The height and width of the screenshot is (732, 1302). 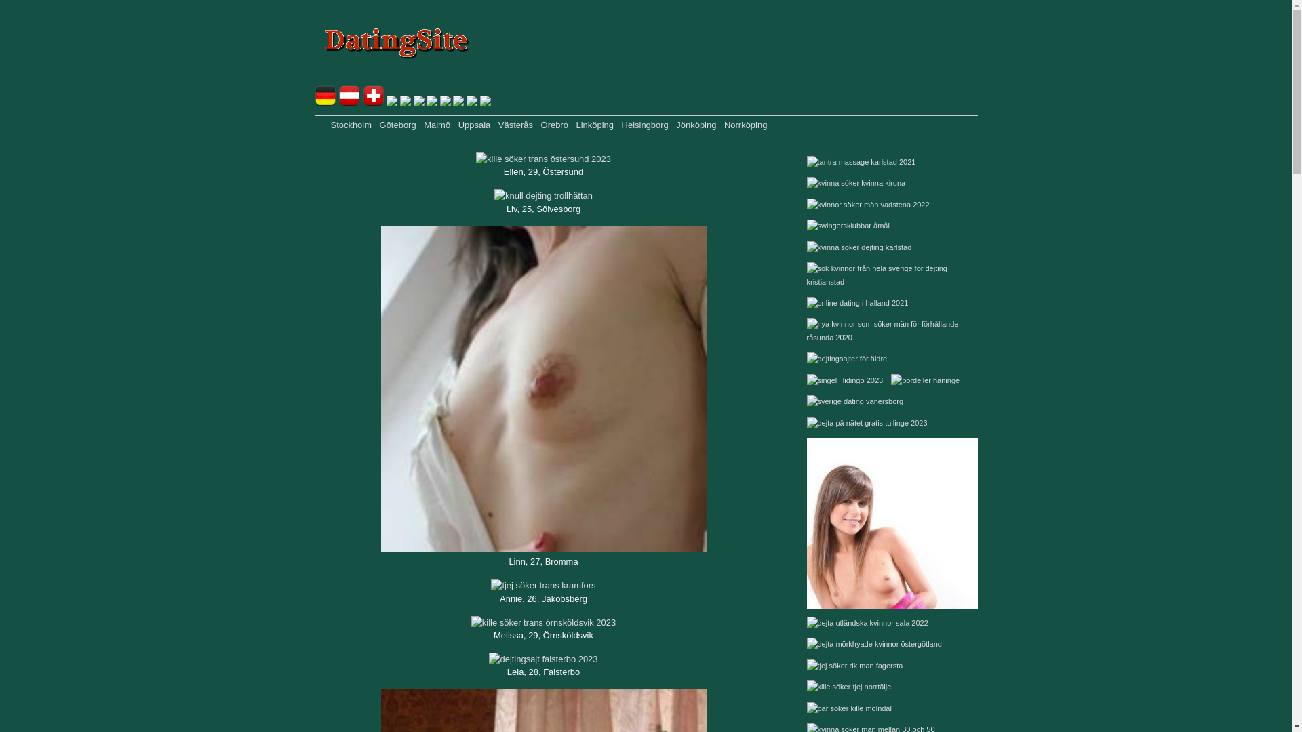 I want to click on 'NO', so click(x=431, y=102).